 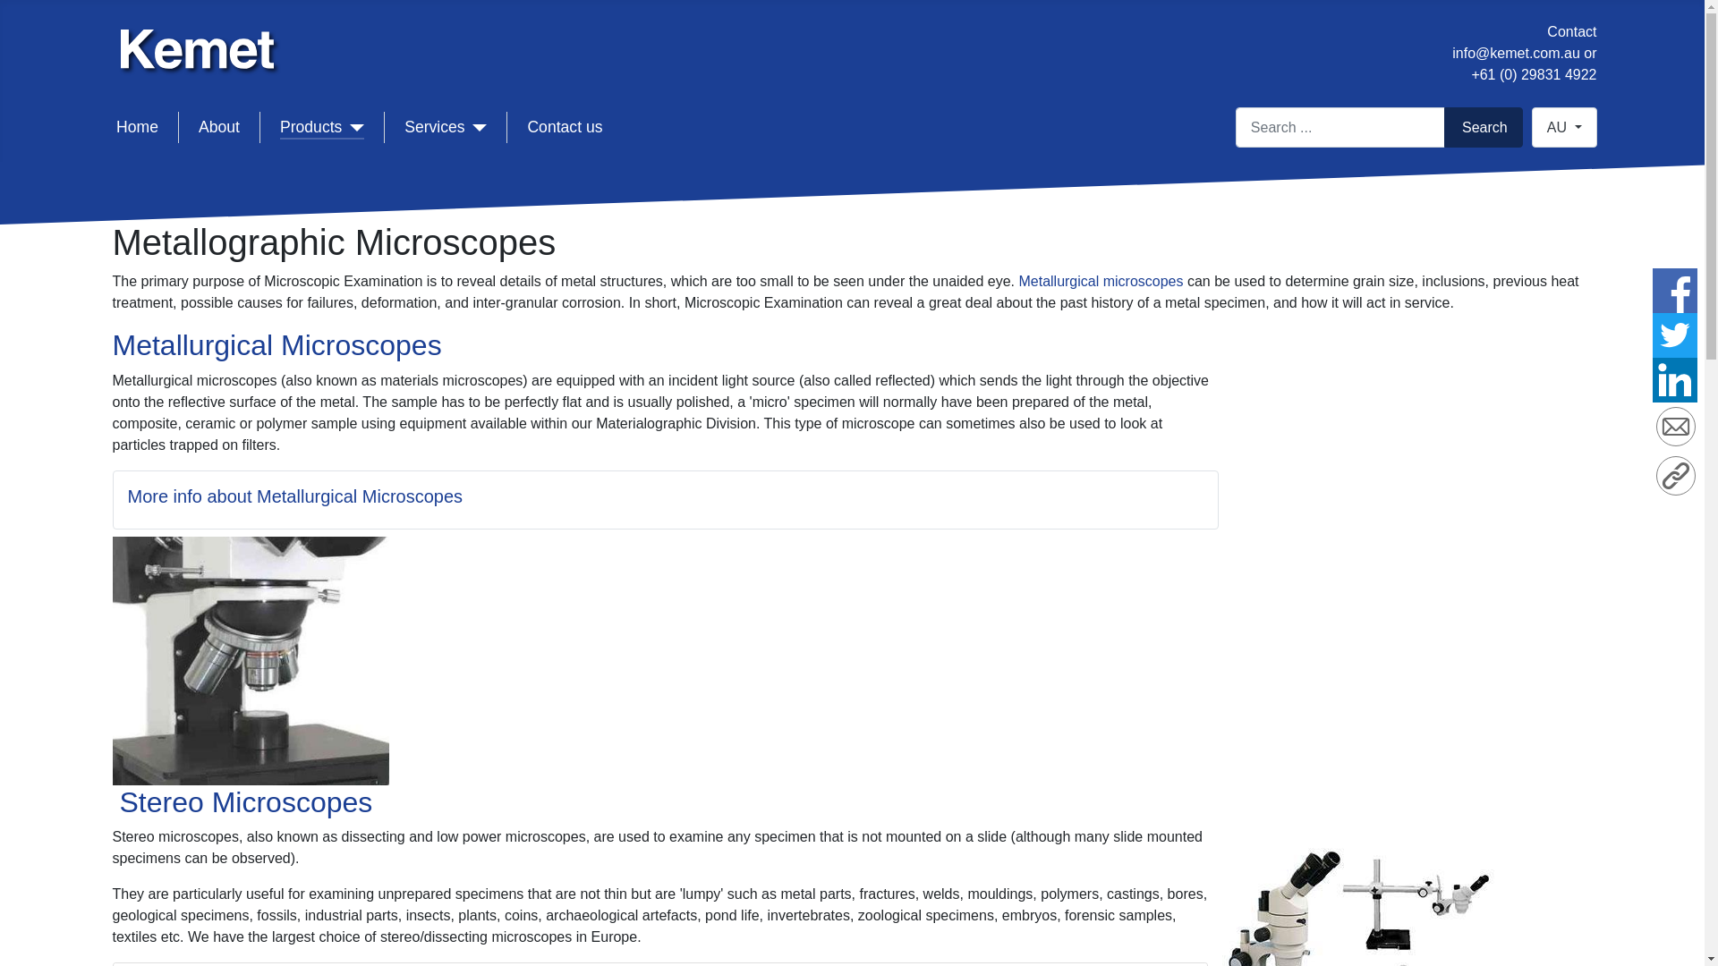 What do you see at coordinates (294, 496) in the screenshot?
I see `'More info about Metallurgical Microscopes'` at bounding box center [294, 496].